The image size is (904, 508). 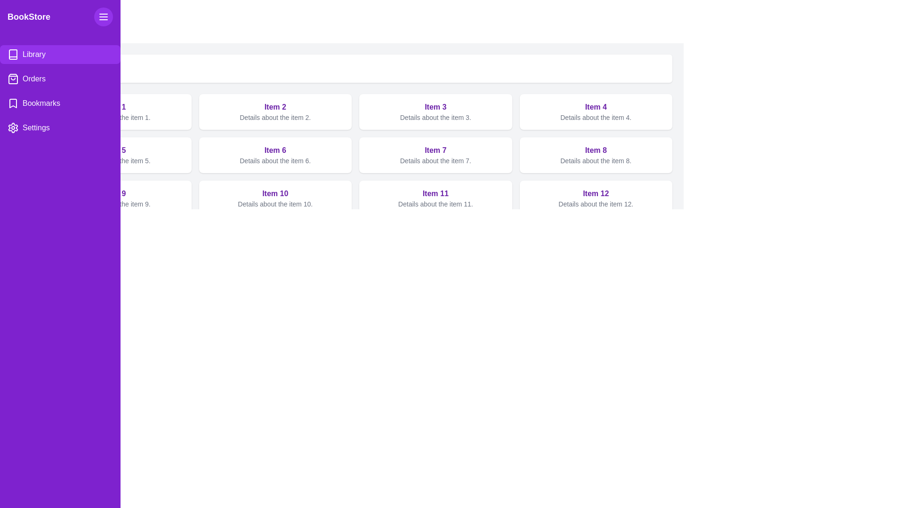 What do you see at coordinates (595, 117) in the screenshot?
I see `the text label displaying 'Details about the item 4.' which is located below the title 'Item 4' in the card layout` at bounding box center [595, 117].